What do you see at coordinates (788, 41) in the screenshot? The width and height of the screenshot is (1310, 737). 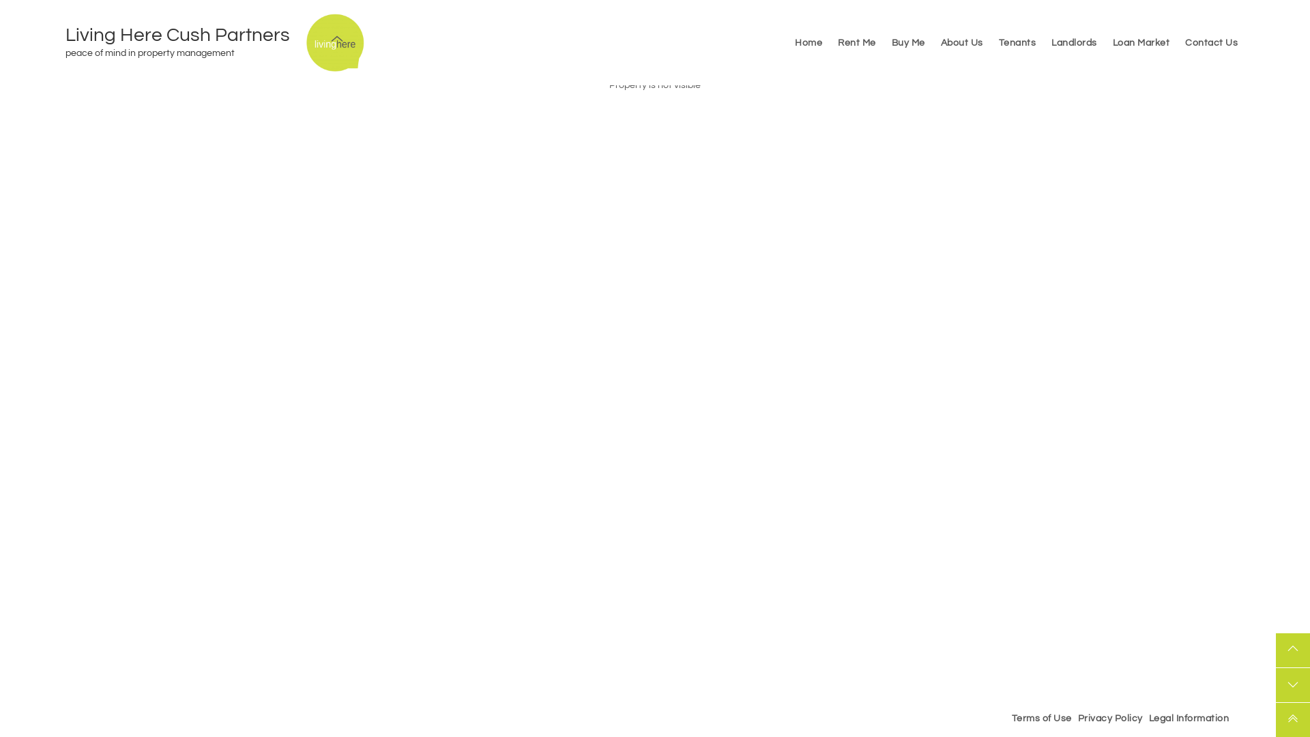 I see `'Home'` at bounding box center [788, 41].